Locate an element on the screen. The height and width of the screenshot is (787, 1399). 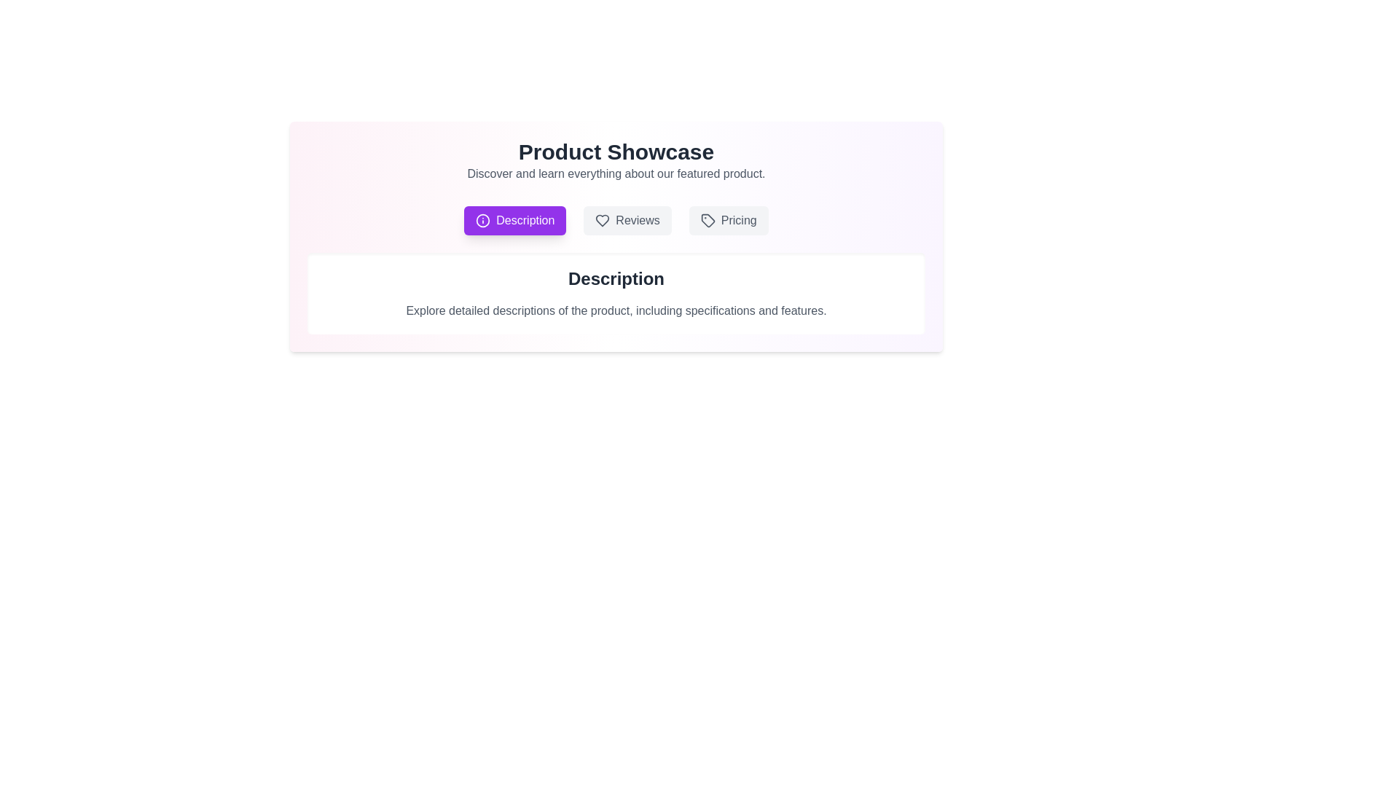
the Description tab is located at coordinates (515, 221).